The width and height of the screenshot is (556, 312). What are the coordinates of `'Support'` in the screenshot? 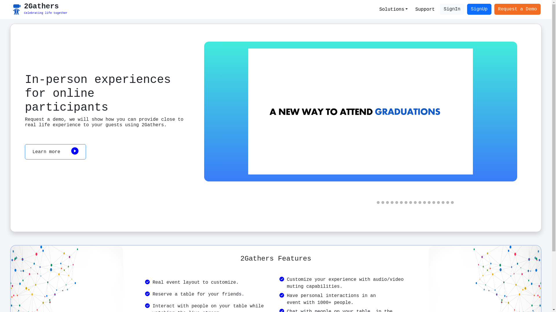 It's located at (425, 10).